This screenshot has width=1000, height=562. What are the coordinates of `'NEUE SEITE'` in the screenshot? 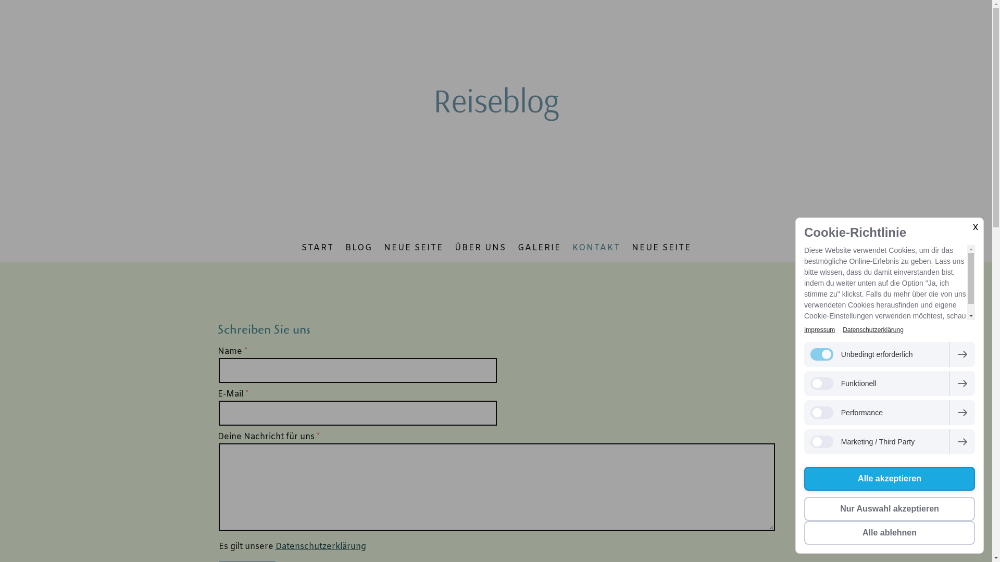 It's located at (661, 248).